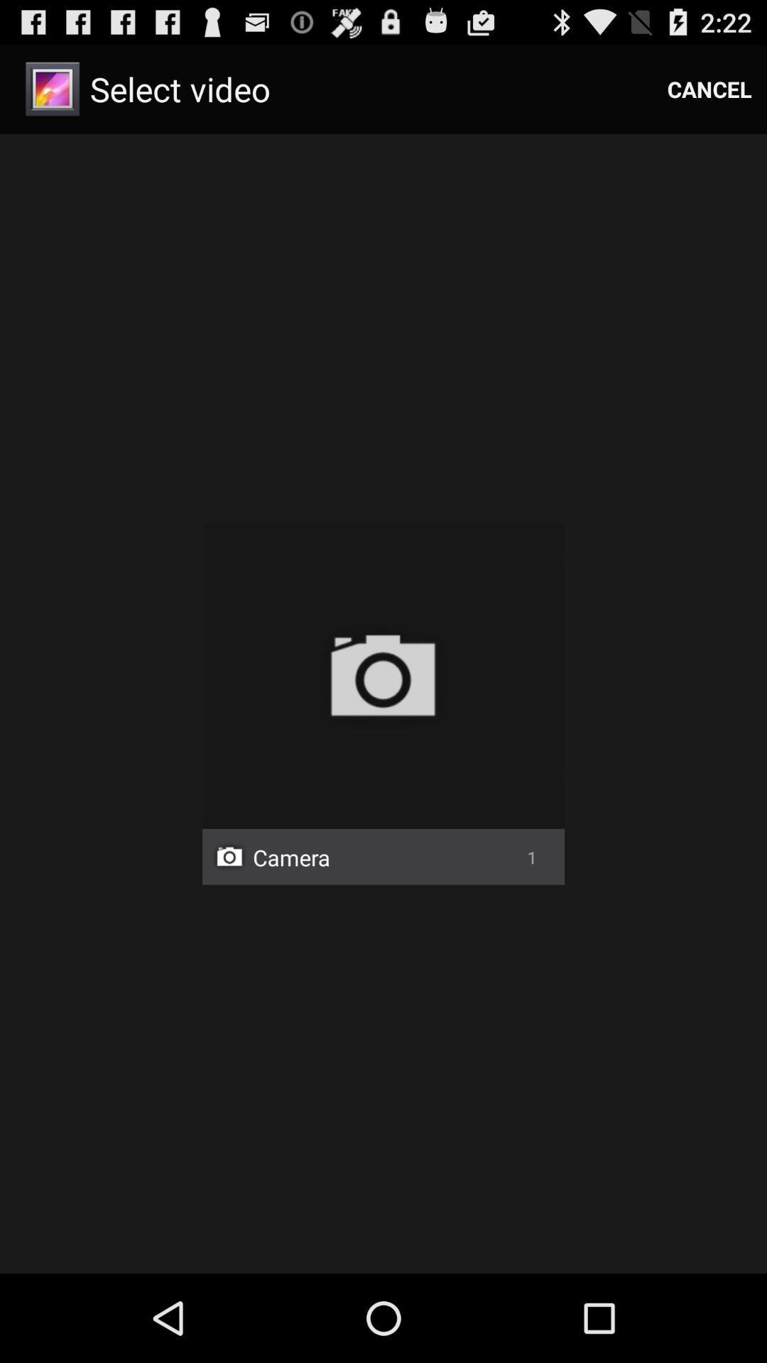 Image resolution: width=767 pixels, height=1363 pixels. What do you see at coordinates (709, 88) in the screenshot?
I see `the icon to the right of the select video` at bounding box center [709, 88].